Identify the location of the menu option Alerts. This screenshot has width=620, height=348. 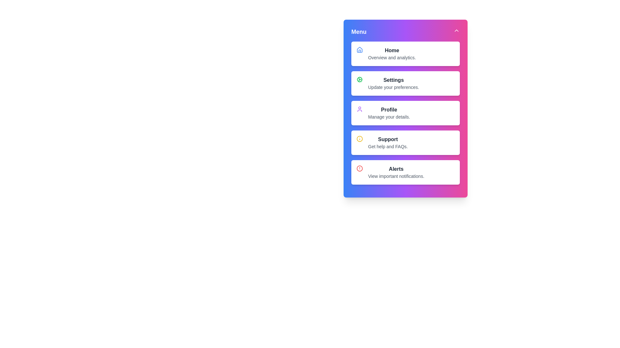
(387, 177).